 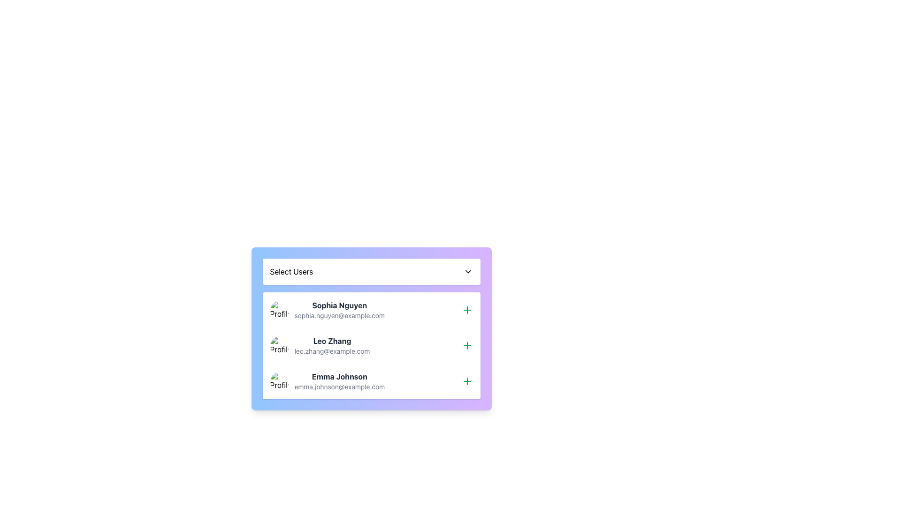 I want to click on text displayed for 'Leo Zhang', which includes the name in bold and the email address in lighter grey below it, so click(x=332, y=345).